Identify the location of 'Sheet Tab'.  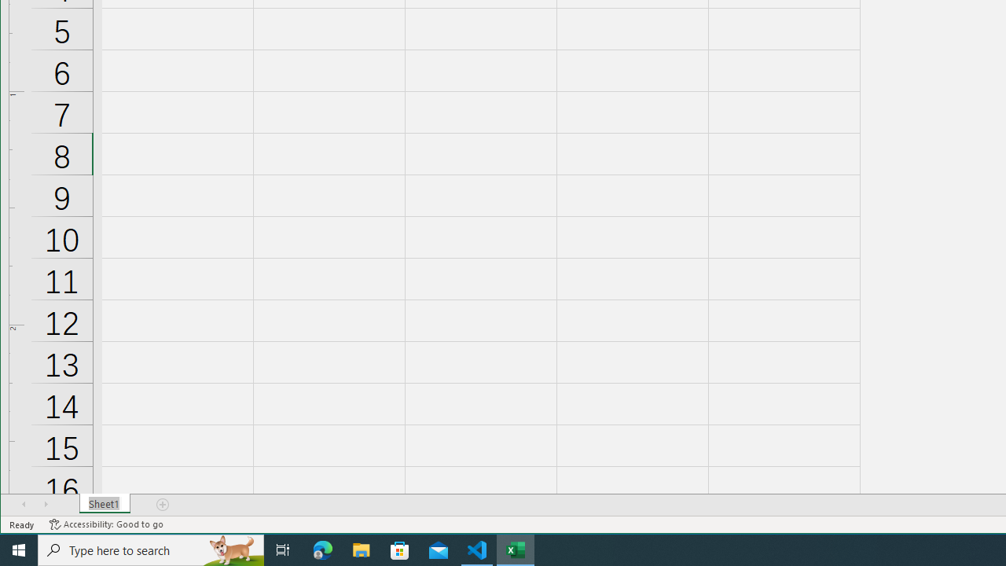
(104, 504).